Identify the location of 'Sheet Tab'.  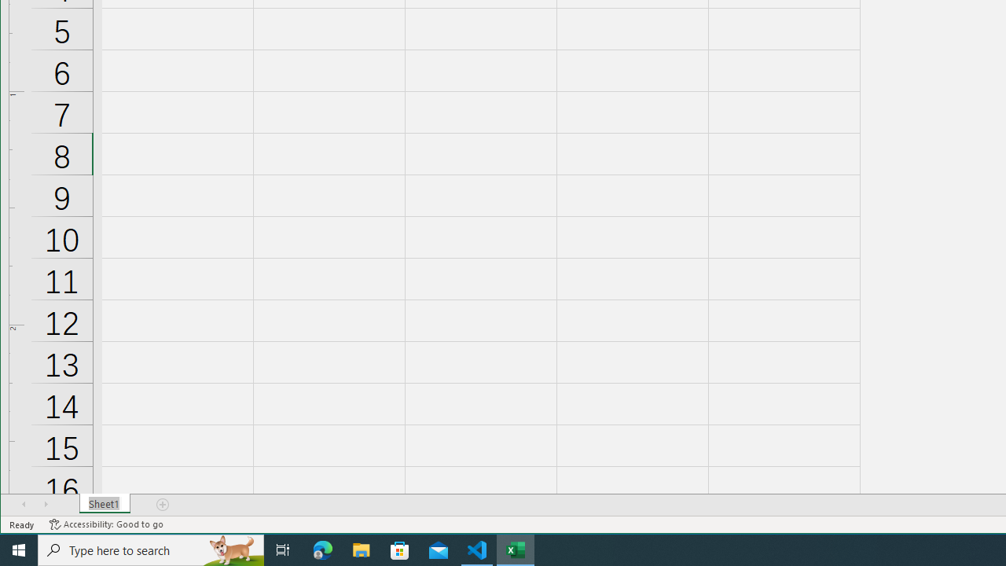
(104, 504).